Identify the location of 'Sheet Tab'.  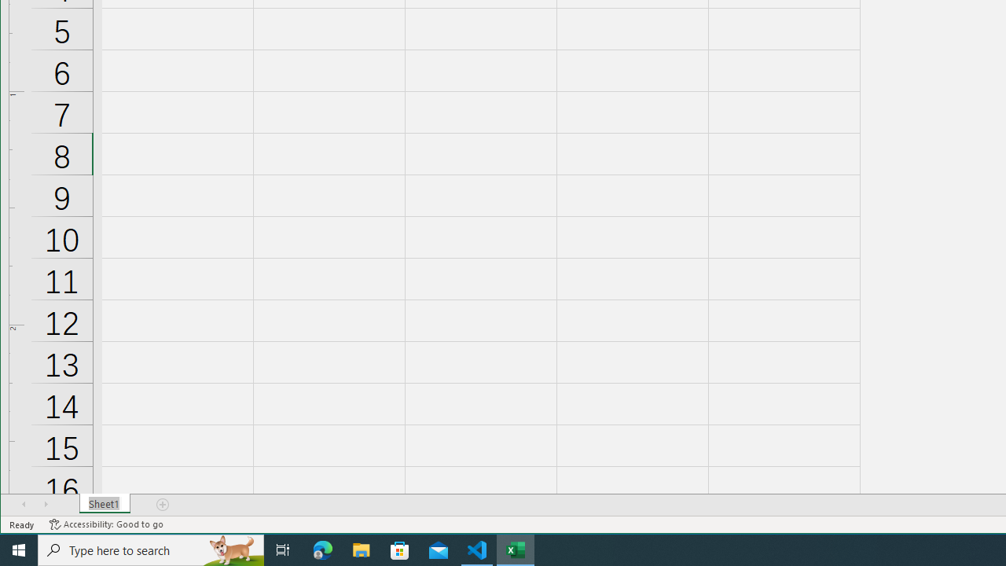
(104, 504).